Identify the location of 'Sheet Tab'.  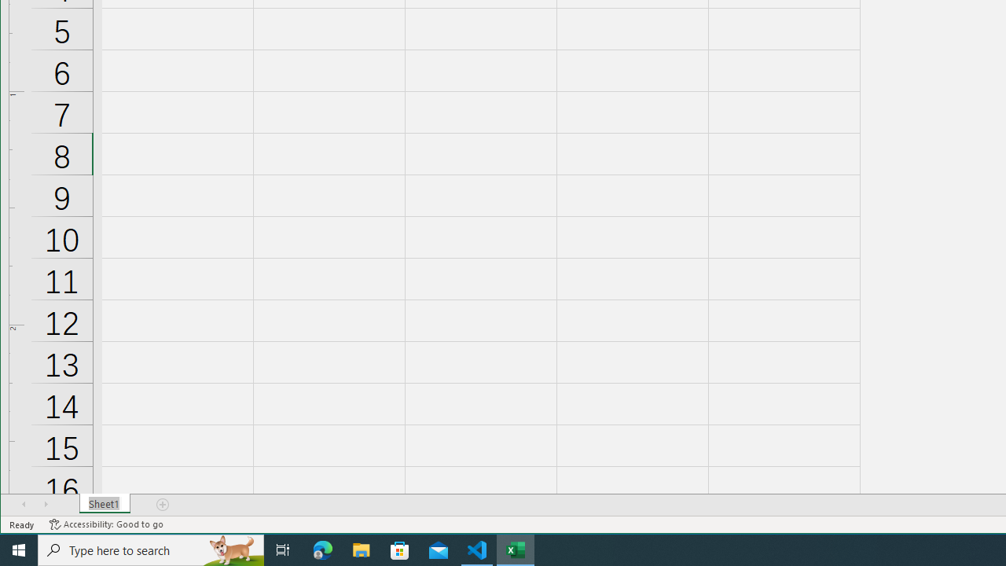
(104, 504).